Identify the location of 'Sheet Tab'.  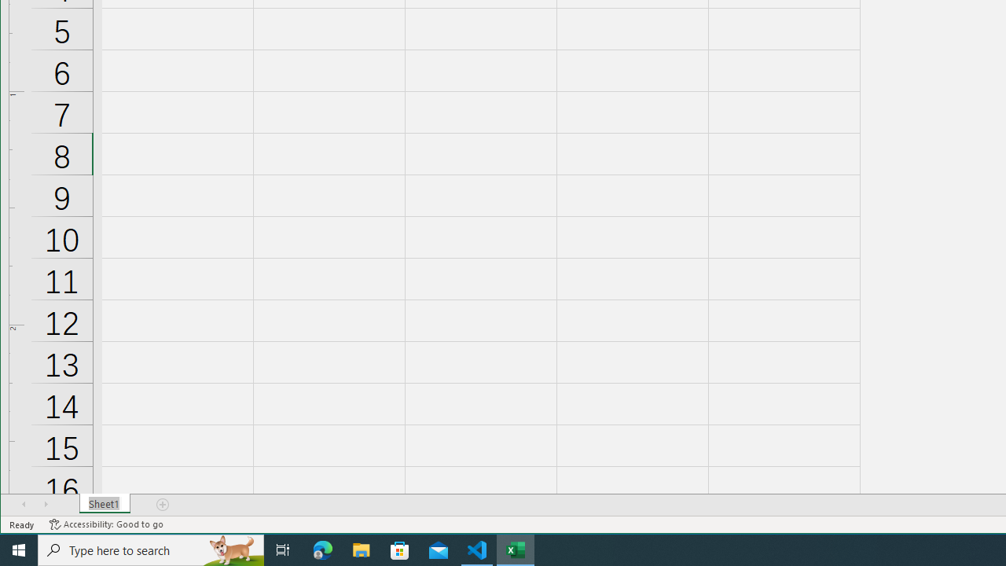
(104, 504).